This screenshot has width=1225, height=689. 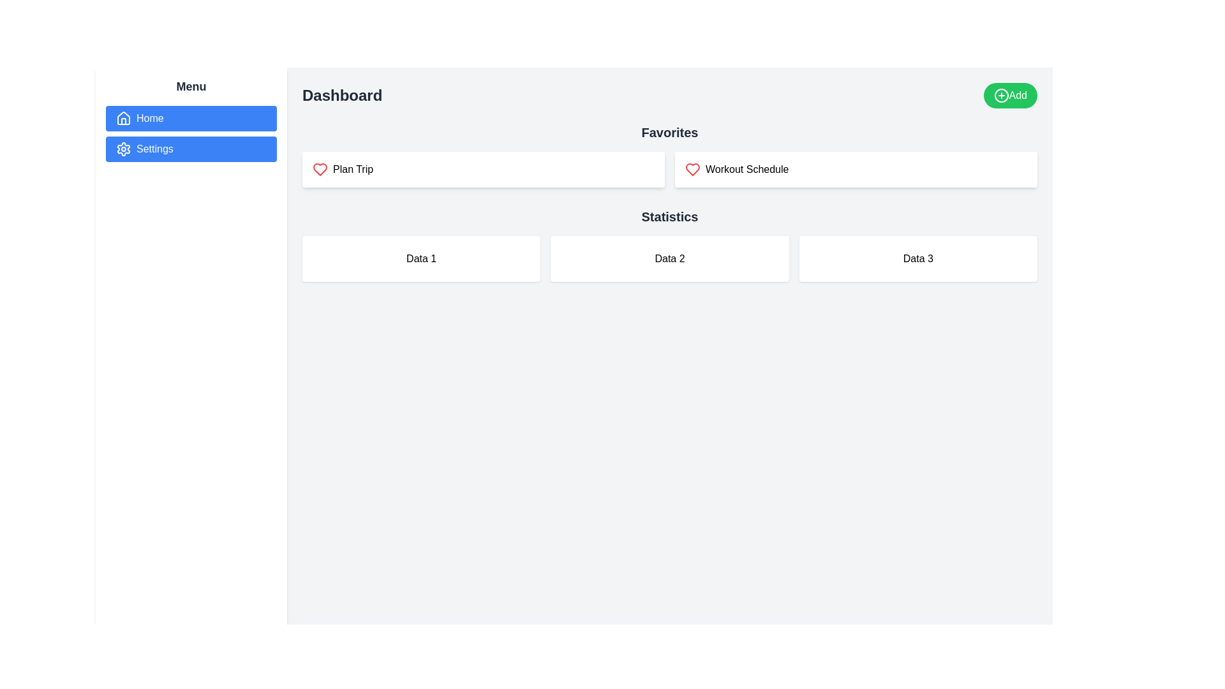 I want to click on the heart-shaped icon within the 'Workout Schedule' item of the 'Favorites' section, so click(x=692, y=169).